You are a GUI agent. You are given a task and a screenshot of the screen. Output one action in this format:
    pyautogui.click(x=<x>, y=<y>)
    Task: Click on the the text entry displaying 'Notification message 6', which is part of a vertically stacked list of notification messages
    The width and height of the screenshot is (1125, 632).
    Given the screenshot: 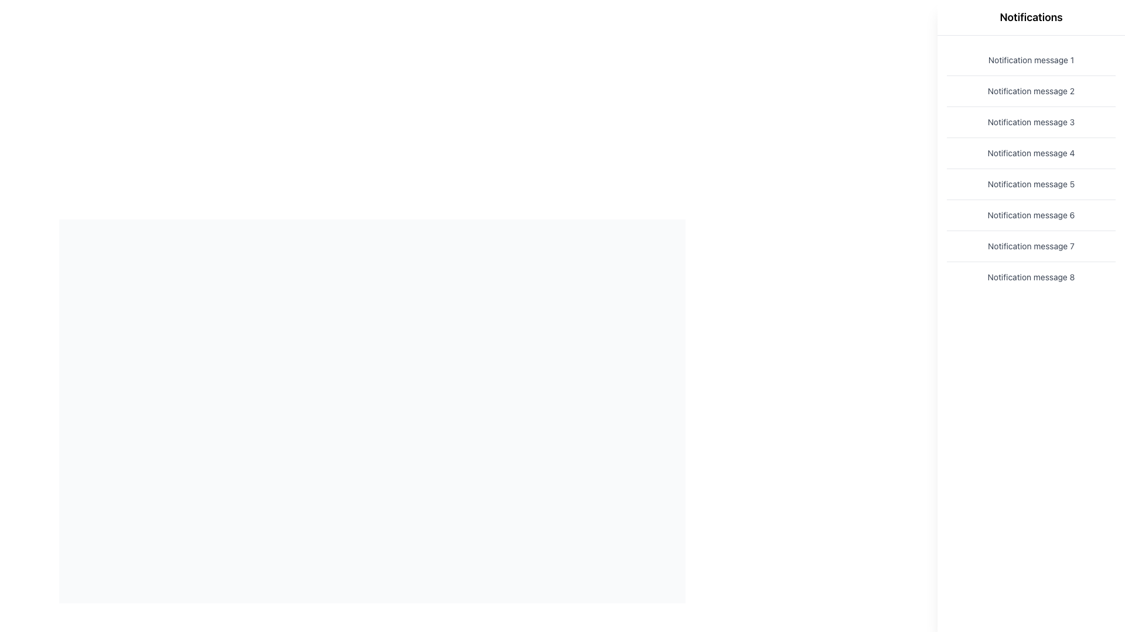 What is the action you would take?
    pyautogui.click(x=1031, y=215)
    